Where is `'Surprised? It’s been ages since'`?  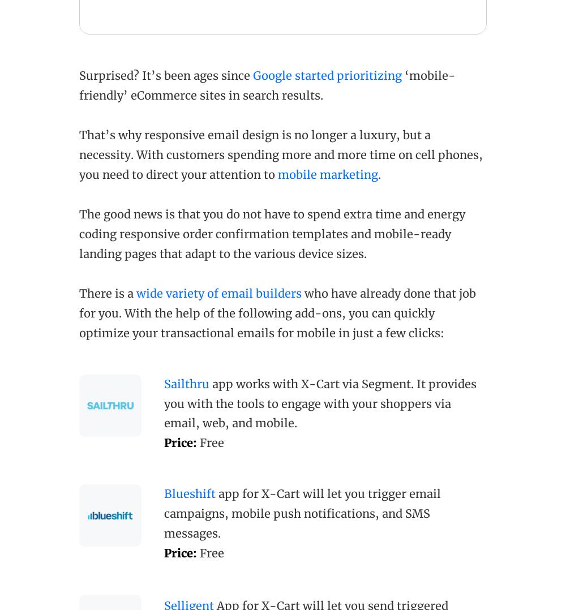
'Surprised? It’s been ages since' is located at coordinates (166, 75).